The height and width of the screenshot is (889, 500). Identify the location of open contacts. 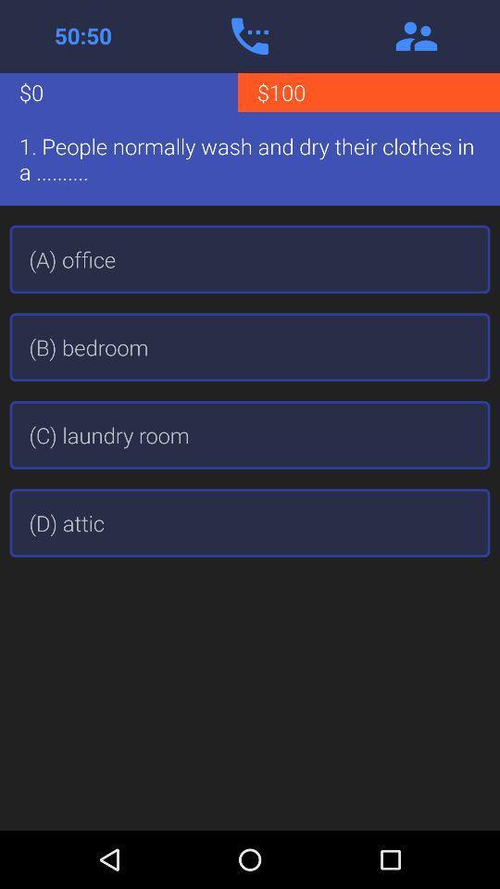
(416, 35).